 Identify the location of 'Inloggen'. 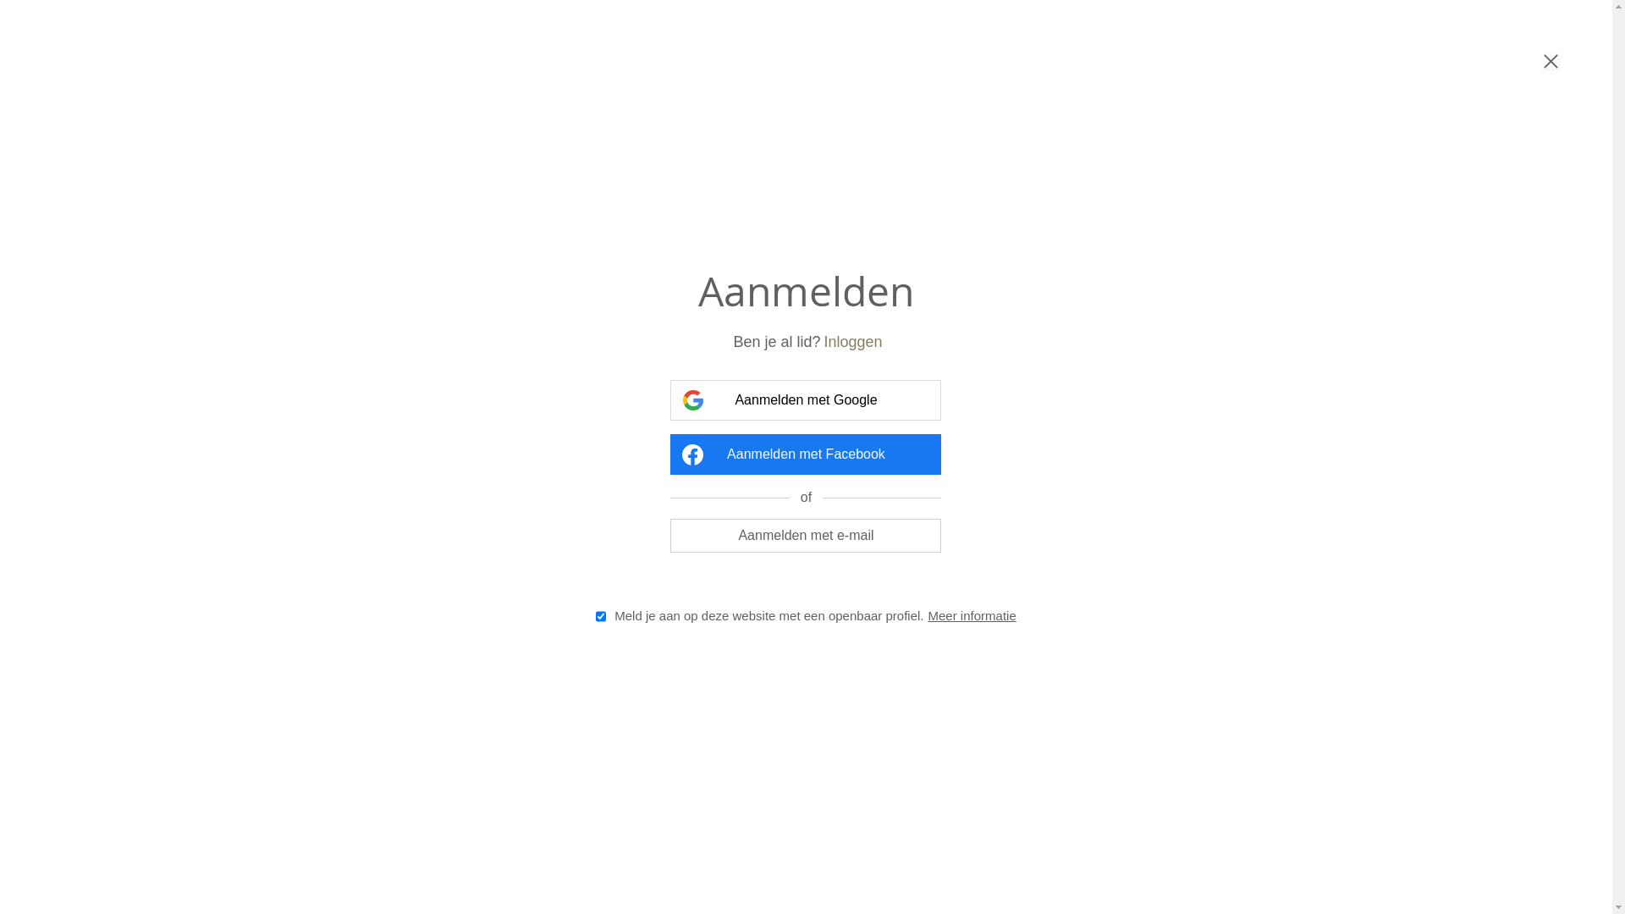
(824, 342).